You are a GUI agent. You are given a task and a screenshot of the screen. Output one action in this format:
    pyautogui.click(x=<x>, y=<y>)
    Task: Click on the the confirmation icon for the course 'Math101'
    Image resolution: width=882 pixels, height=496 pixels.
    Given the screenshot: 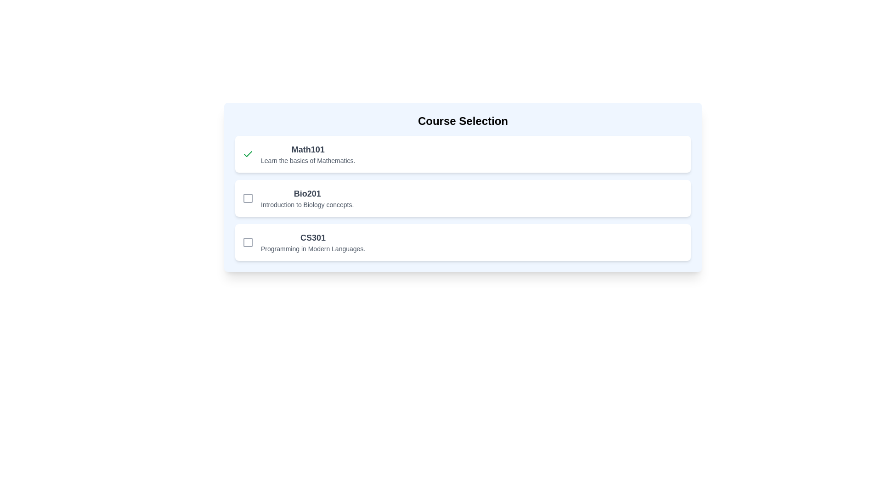 What is the action you would take?
    pyautogui.click(x=248, y=153)
    